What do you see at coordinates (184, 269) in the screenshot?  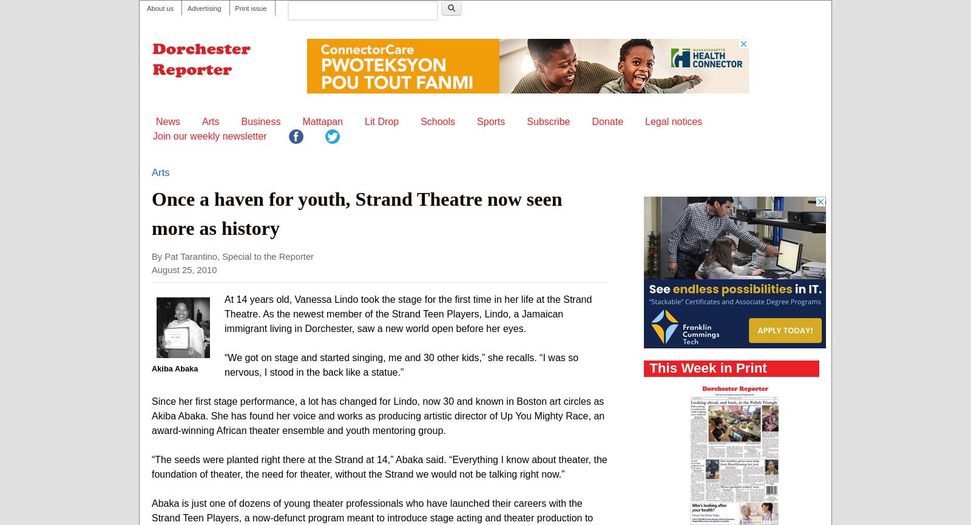 I see `'August 25, 2010'` at bounding box center [184, 269].